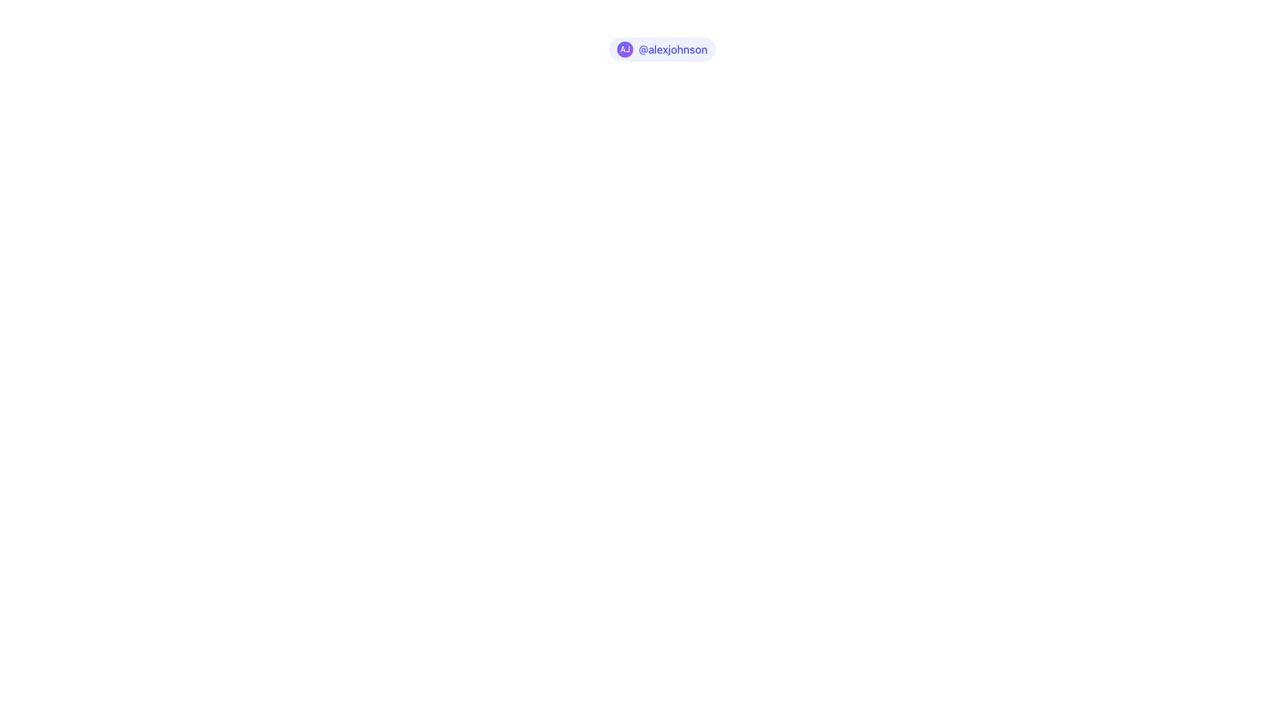  What do you see at coordinates (673, 48) in the screenshot?
I see `the text label displaying the username '@alexjohnson', which is positioned to the far right of an adjacent circle containing the initials 'AJ'` at bounding box center [673, 48].